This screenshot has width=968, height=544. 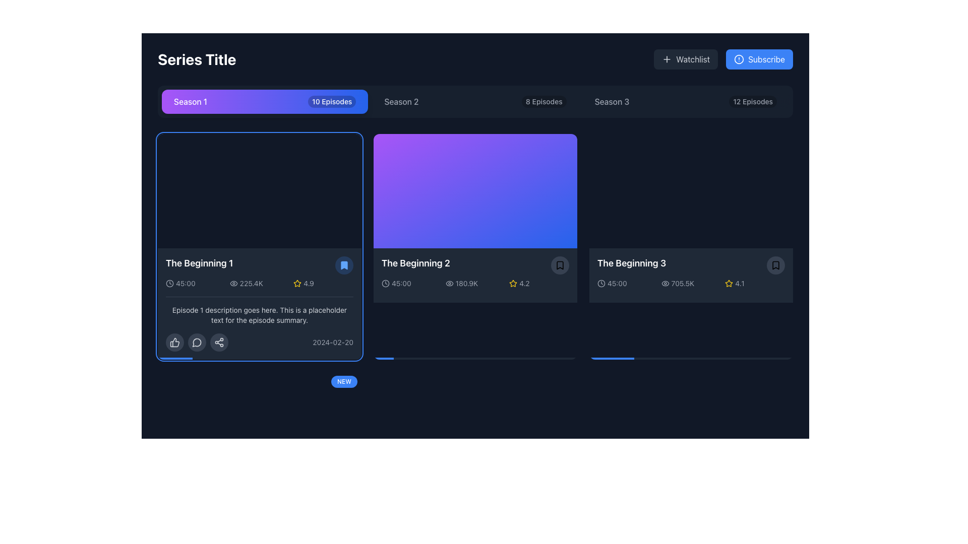 What do you see at coordinates (776, 358) in the screenshot?
I see `progress level` at bounding box center [776, 358].